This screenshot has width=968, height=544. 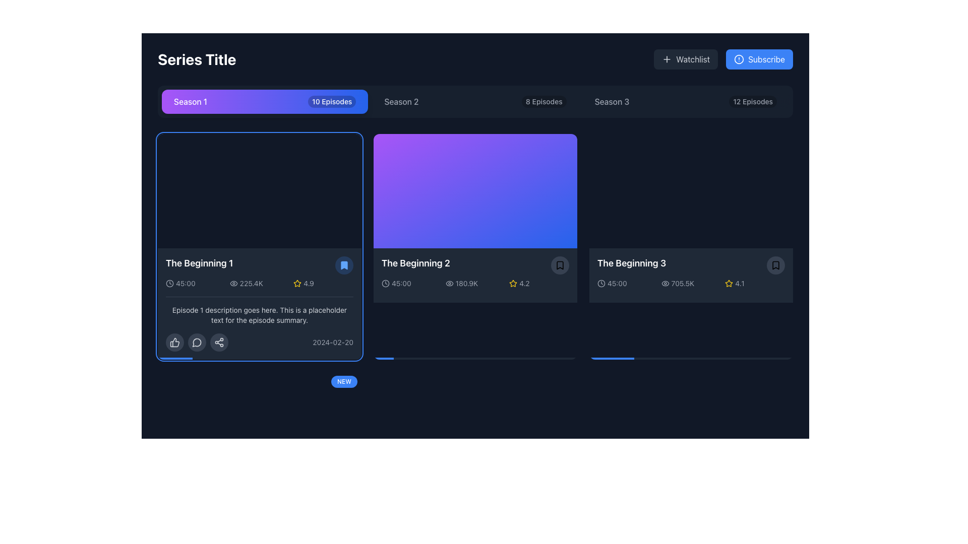 What do you see at coordinates (776, 358) in the screenshot?
I see `progress level` at bounding box center [776, 358].